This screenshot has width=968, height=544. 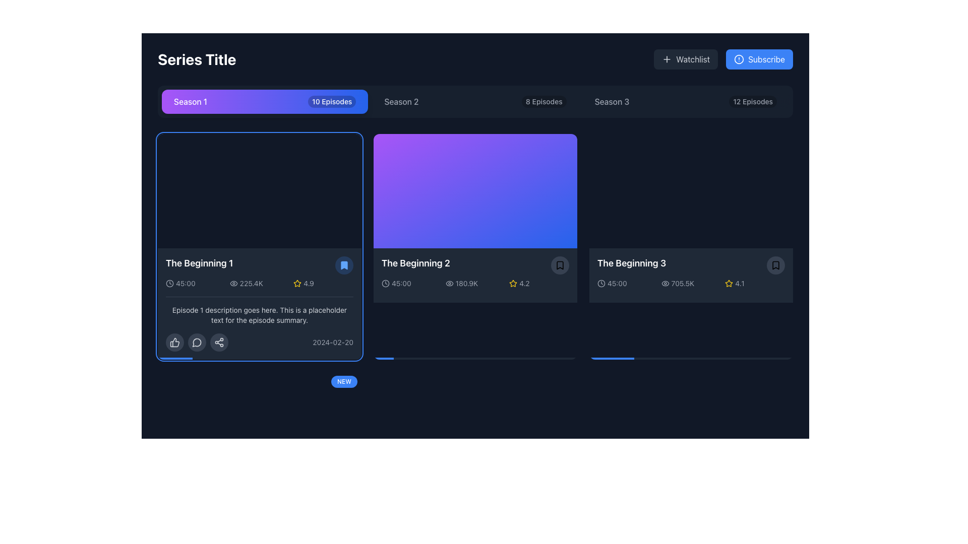 What do you see at coordinates (776, 358) in the screenshot?
I see `progress level` at bounding box center [776, 358].